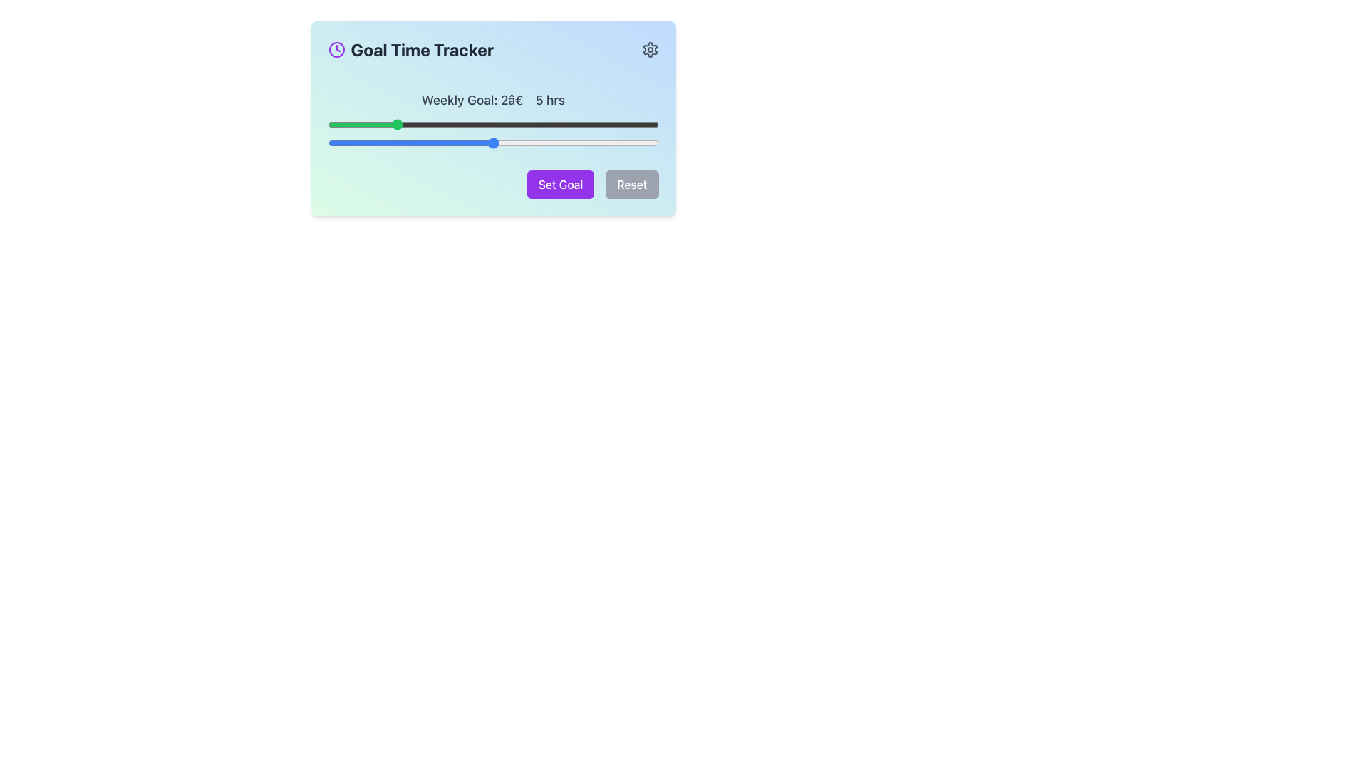  I want to click on the track of the Range Slider located under the 'Weekly Goal: 2–5 hrs' label to set the desired value, so click(493, 143).